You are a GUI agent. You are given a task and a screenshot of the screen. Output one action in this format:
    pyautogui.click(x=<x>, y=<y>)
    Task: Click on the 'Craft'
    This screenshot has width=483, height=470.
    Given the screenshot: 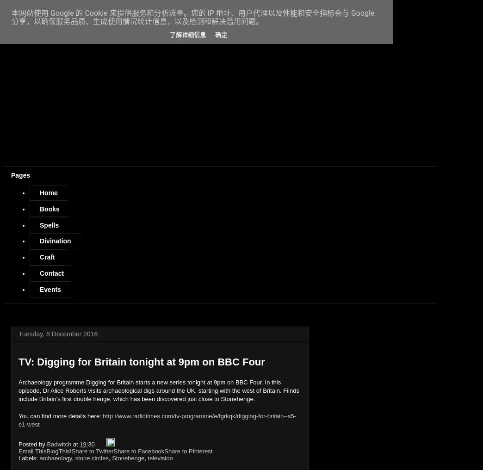 What is the action you would take?
    pyautogui.click(x=40, y=256)
    